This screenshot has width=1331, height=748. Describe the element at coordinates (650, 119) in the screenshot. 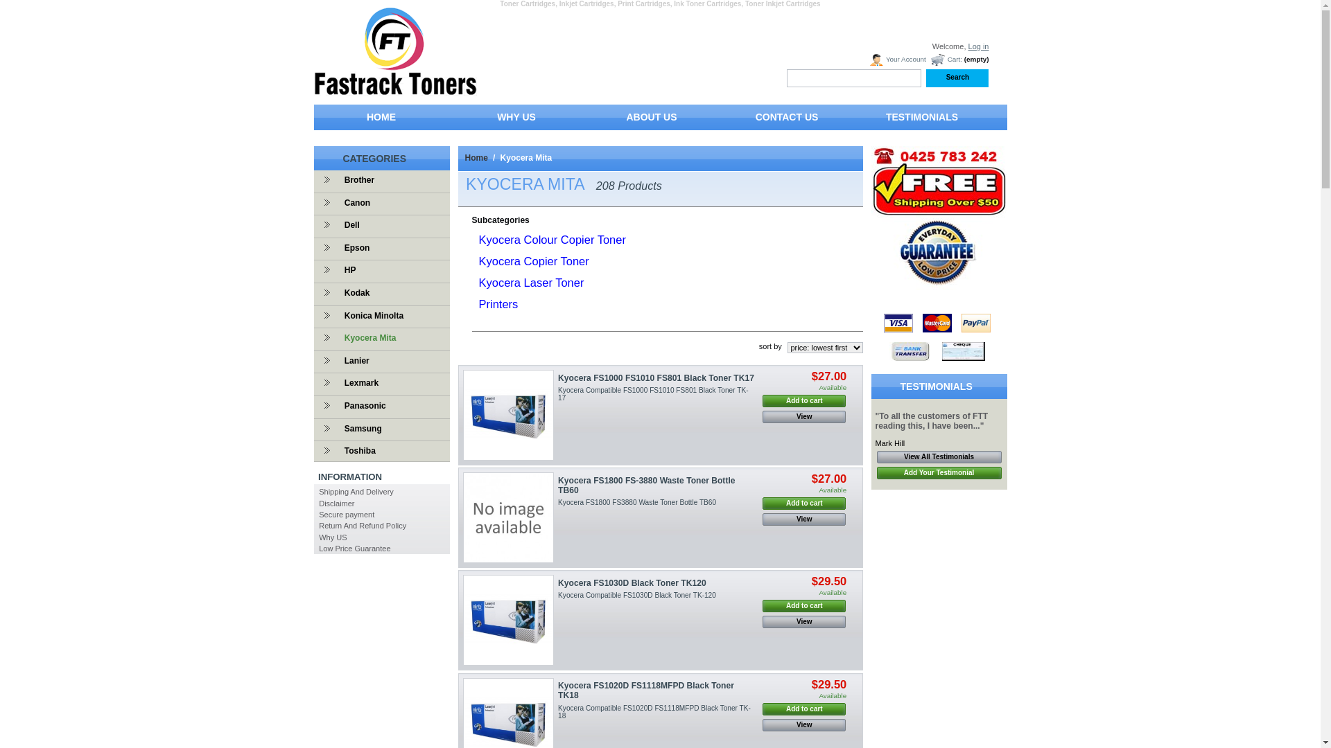

I see `'ABOUT US'` at that location.